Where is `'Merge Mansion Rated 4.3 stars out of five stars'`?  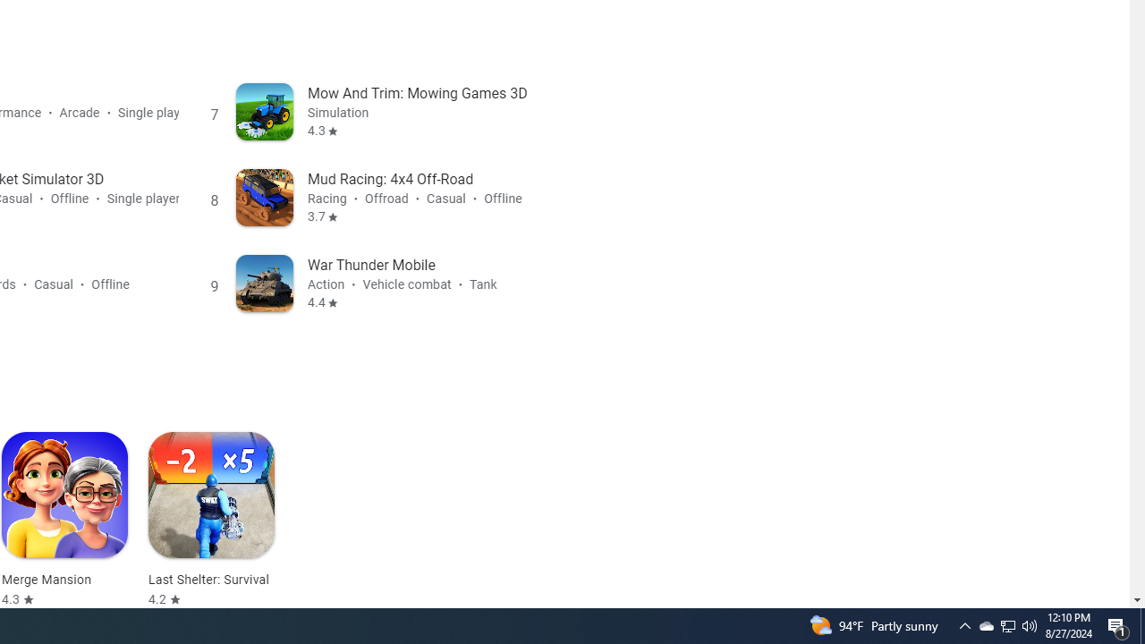
'Merge Mansion Rated 4.3 stars out of five stars' is located at coordinates (64, 520).